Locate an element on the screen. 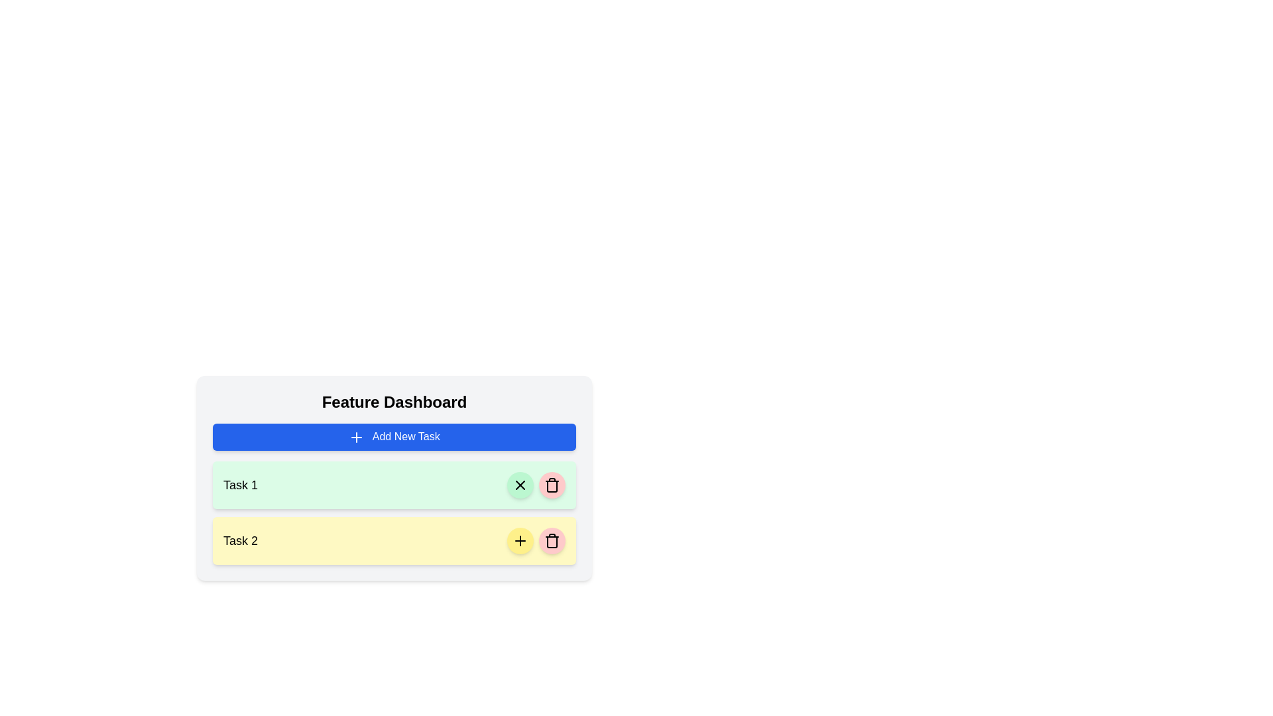 This screenshot has height=716, width=1273. the close or cancel button located to the immediate right of the 'Task 1' label is located at coordinates (520, 485).